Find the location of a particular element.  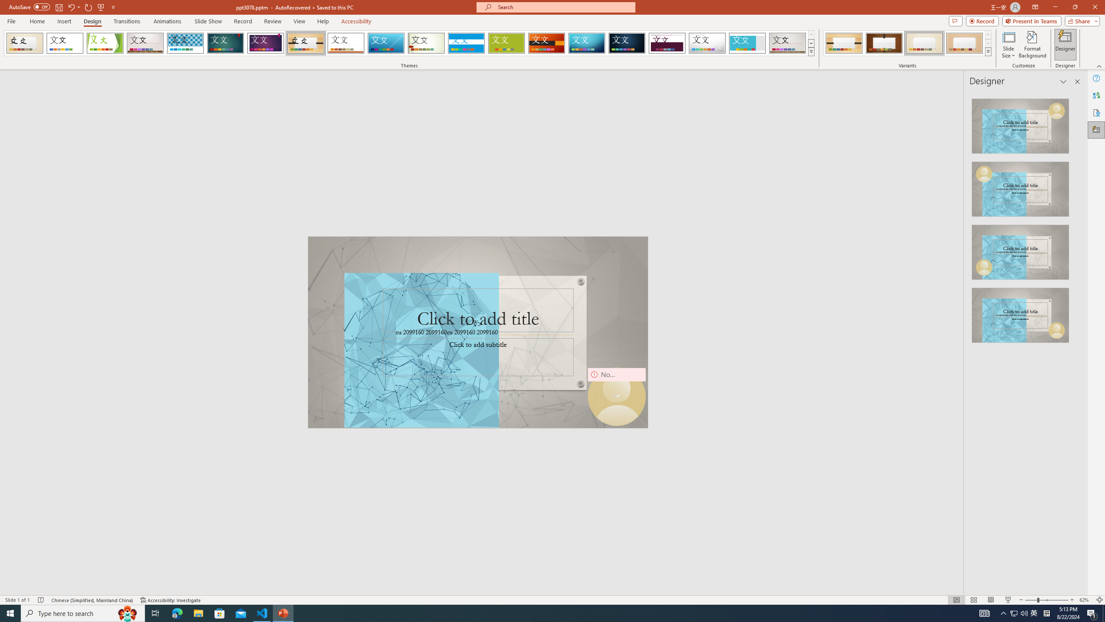

'TextBox 61' is located at coordinates (477, 333).